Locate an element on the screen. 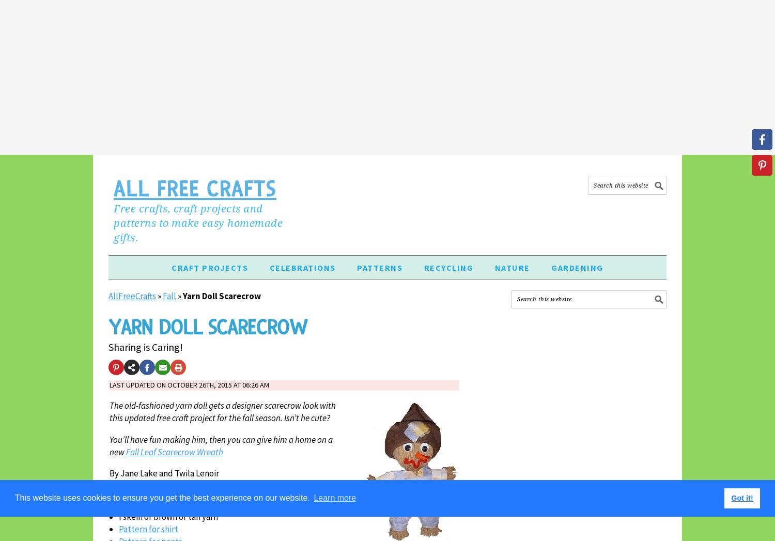 Image resolution: width=775 pixels, height=541 pixels. 'All Free Crafts' is located at coordinates (195, 189).